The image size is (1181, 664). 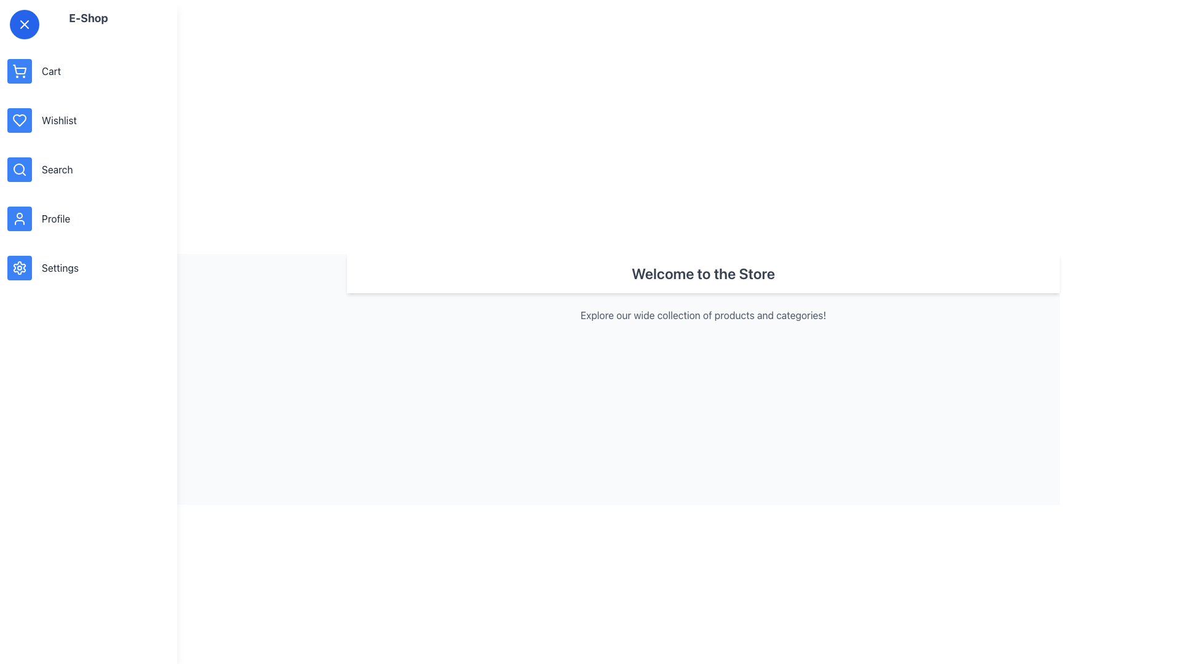 What do you see at coordinates (57, 170) in the screenshot?
I see `the 'Search' label located in the left vertical navigation bar, situated between the 'Wishlist' and 'Profile' items, indicating its functionality for search operations` at bounding box center [57, 170].